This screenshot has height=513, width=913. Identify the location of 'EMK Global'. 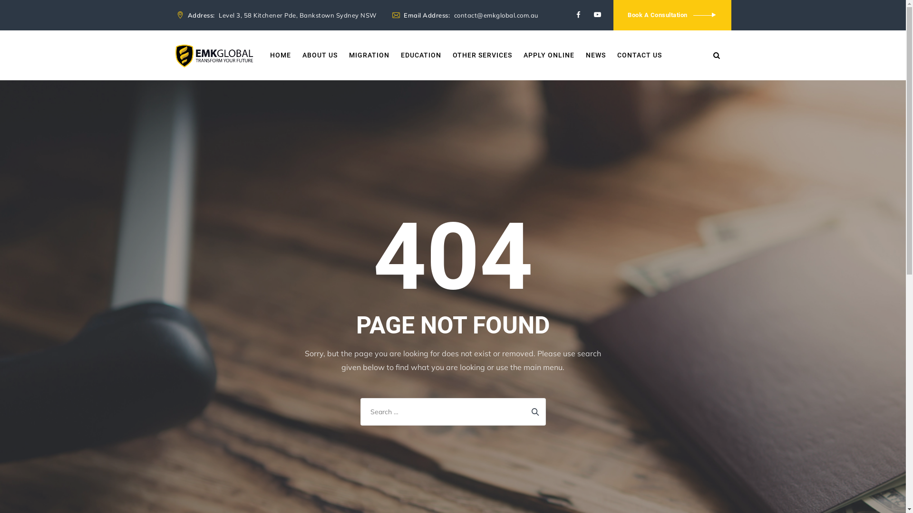
(214, 55).